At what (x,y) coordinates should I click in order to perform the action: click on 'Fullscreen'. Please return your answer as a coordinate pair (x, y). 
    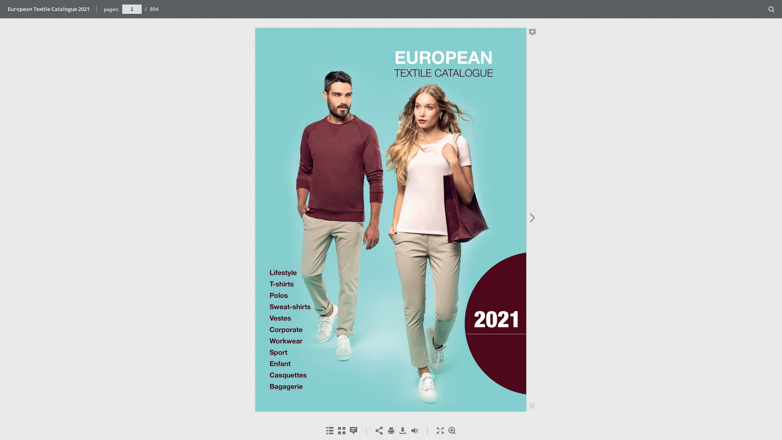
    Looking at the image, I should click on (439, 430).